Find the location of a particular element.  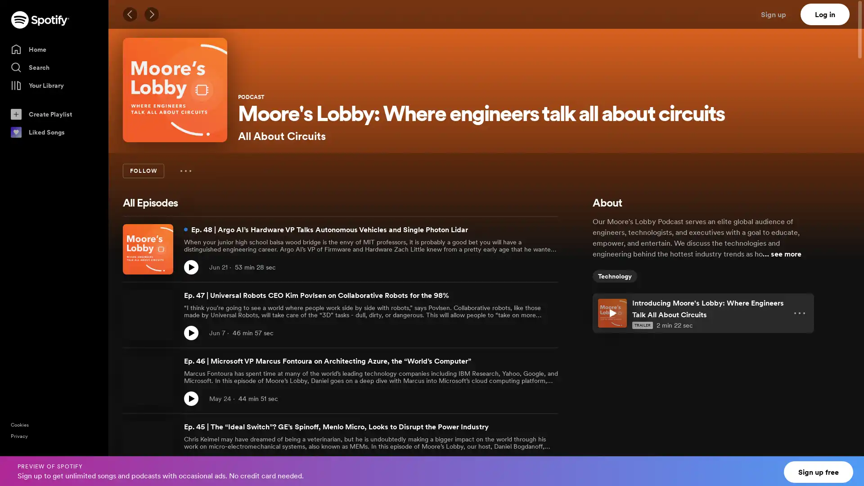

Play Ep. 48 | Argo AIs Hardware VP Talks Autonomous Vehicles and Single Photon Lidar by Moore's Lobby: Where engineers talk all about circuits is located at coordinates (191, 267).